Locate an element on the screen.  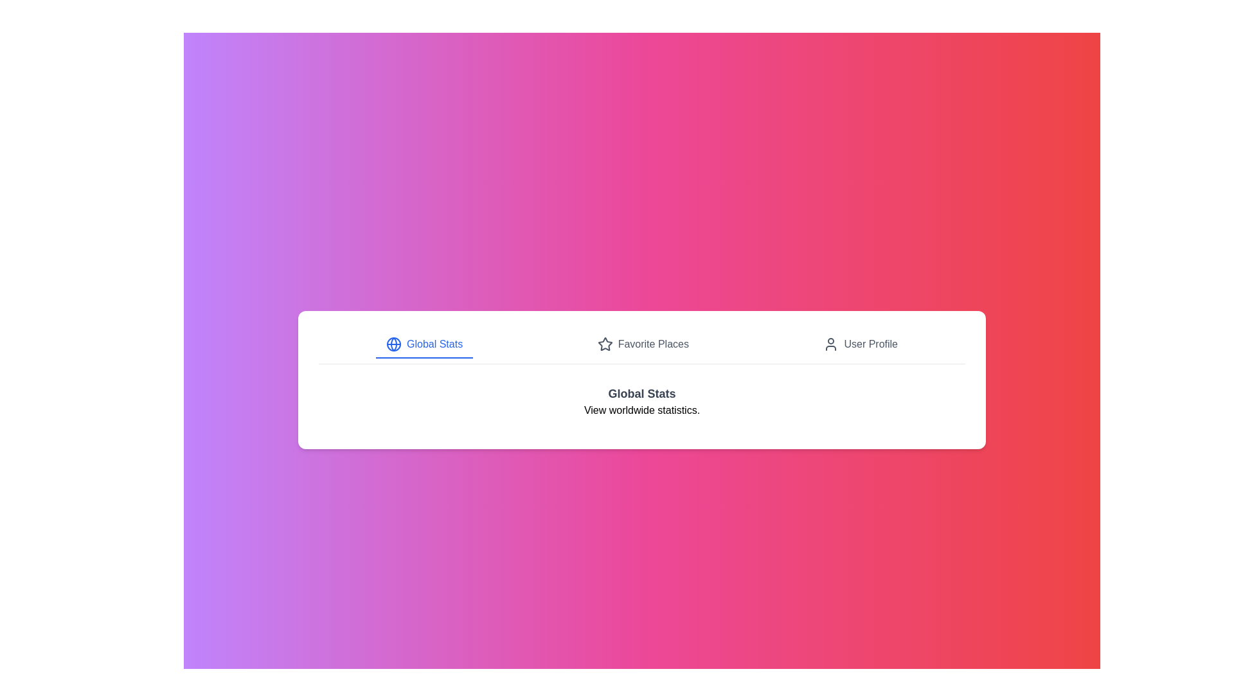
the 'Favorite Places' navigation link, which is a clickable text label positioned in the center of the horizontal navigation bar, located between 'Global Stats' and 'User Profile' is located at coordinates (653, 343).